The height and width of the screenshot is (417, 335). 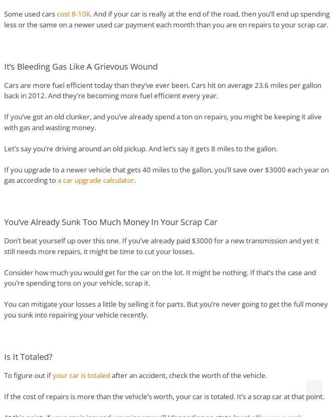 I want to click on 'If the cost of repairs is more than the vehicle’s worth, your car is totaled. It’s a scrap car at that point.', so click(x=4, y=395).